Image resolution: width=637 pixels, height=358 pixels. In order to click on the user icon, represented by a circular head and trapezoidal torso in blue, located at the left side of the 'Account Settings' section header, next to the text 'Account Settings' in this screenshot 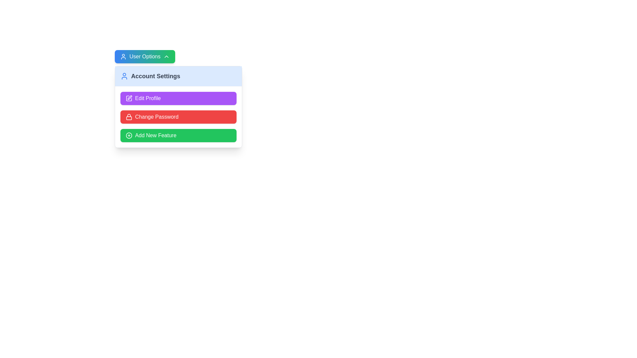, I will do `click(124, 76)`.